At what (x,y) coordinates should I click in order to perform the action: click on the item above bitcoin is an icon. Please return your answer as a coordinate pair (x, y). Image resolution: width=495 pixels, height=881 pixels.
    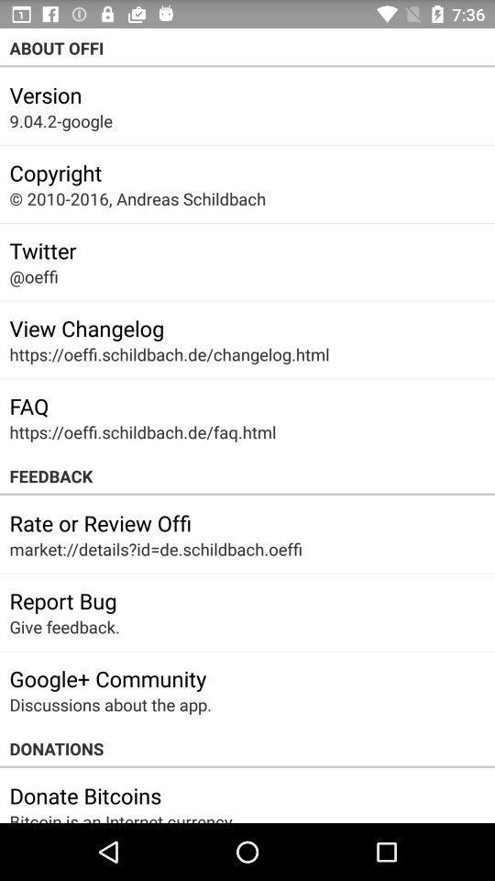
    Looking at the image, I should click on (84, 795).